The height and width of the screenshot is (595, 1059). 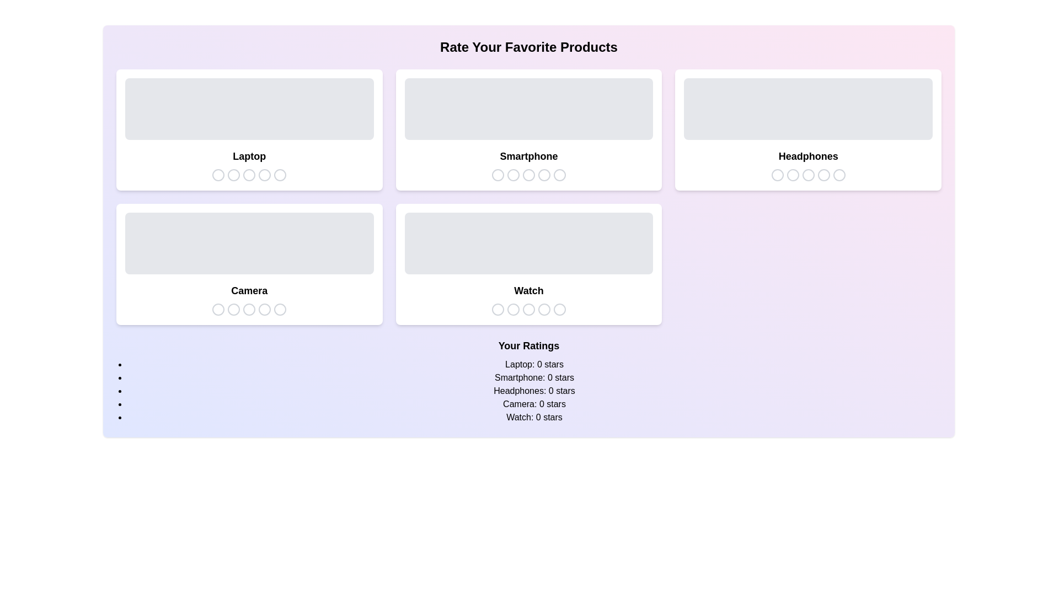 What do you see at coordinates (807, 174) in the screenshot?
I see `the star icon corresponding to 3 stars for the product Headphones` at bounding box center [807, 174].